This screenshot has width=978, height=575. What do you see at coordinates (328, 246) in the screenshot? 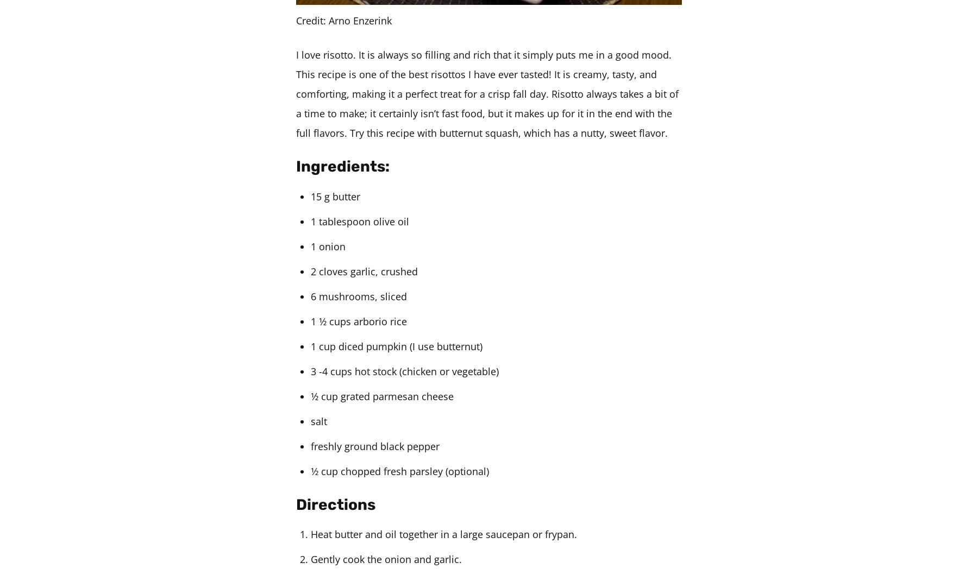
I see `'1 onion'` at bounding box center [328, 246].